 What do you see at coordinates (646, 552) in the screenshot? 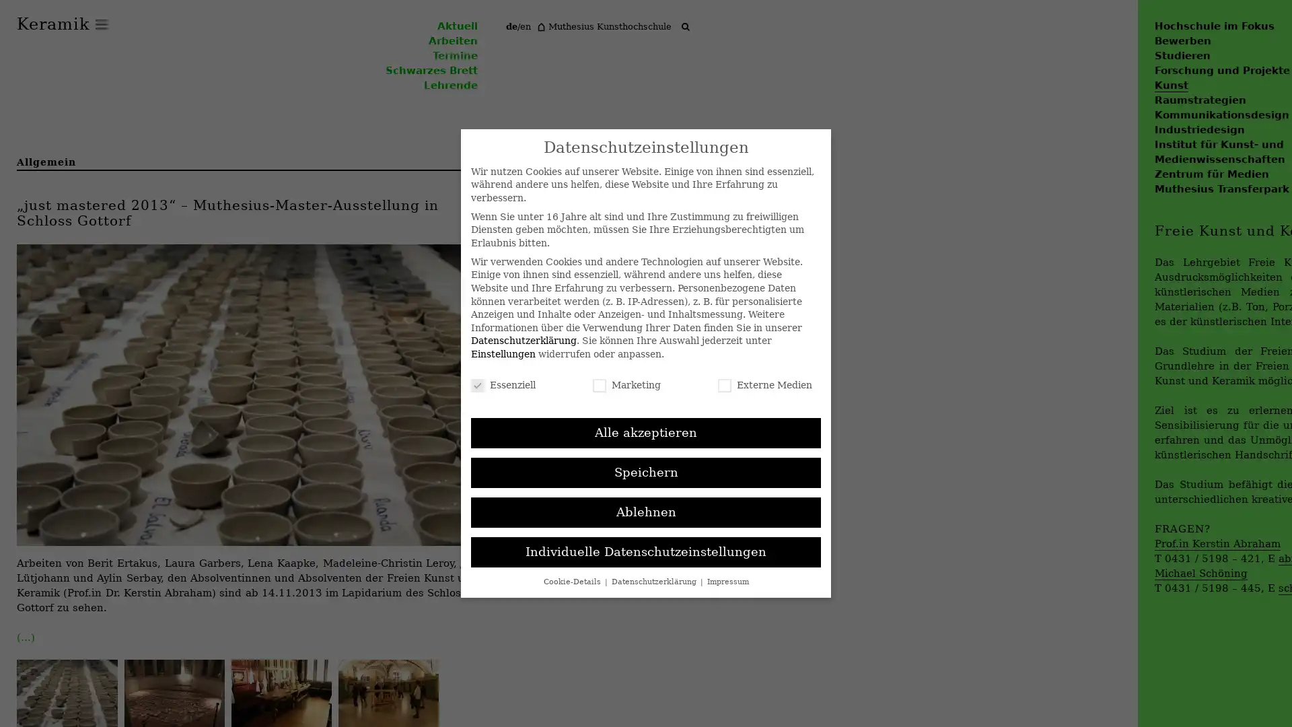
I see `Individuelle Datenschutzeinstellungen` at bounding box center [646, 552].